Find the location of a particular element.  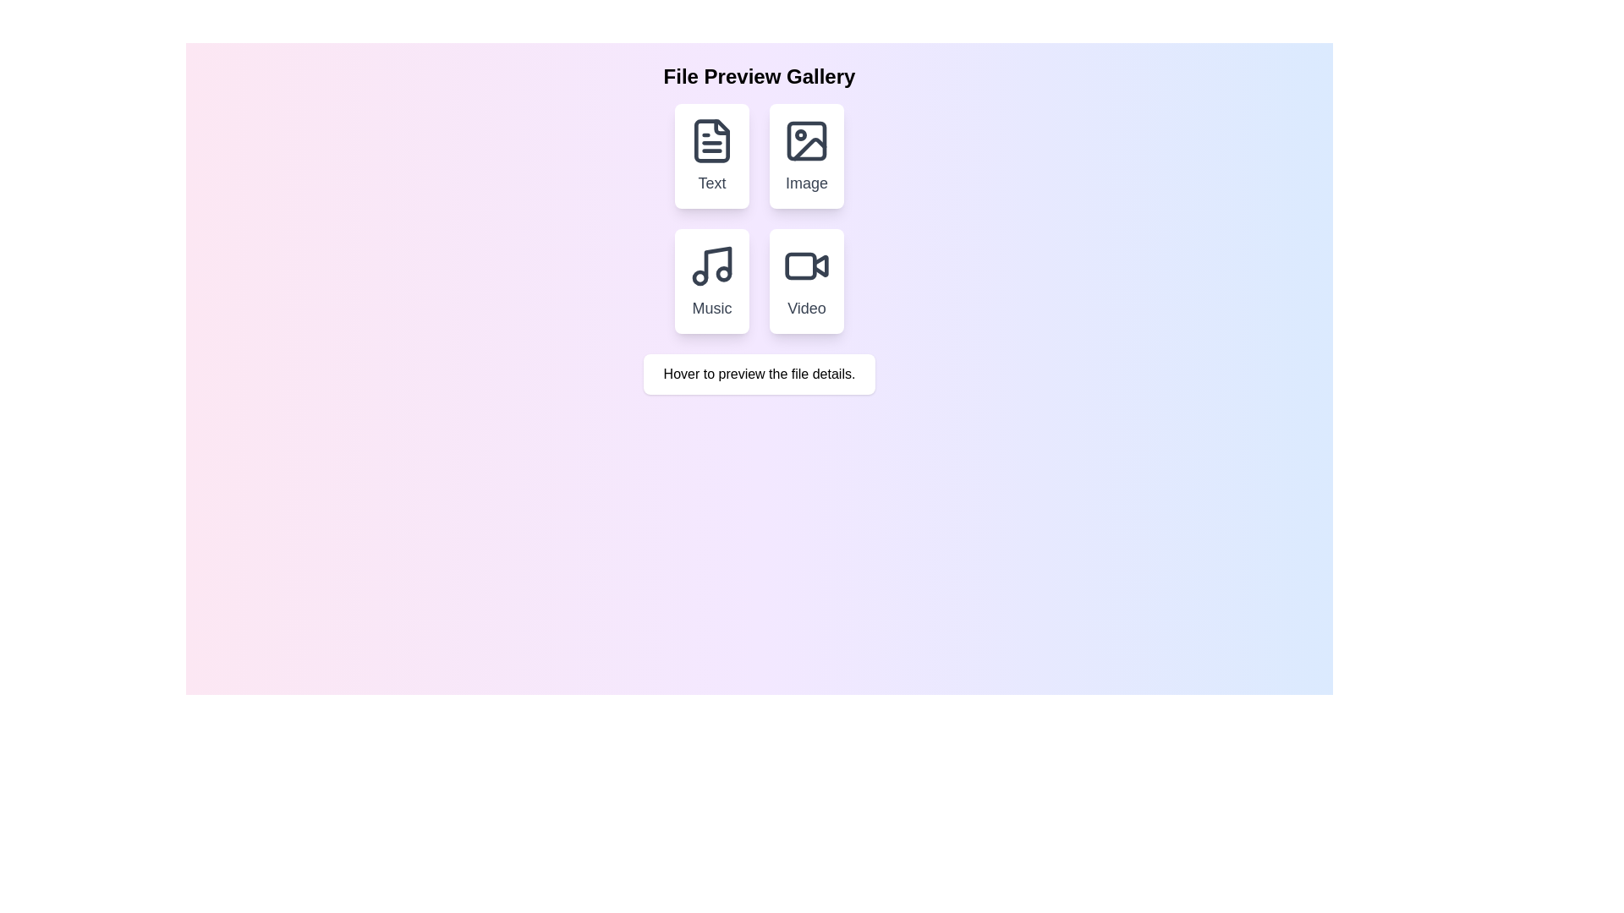

the smaller rightmost circle of the musical note icon in the 'Music' card, located in the lower left quadrant of the 2x2 grid interface is located at coordinates (723, 273).